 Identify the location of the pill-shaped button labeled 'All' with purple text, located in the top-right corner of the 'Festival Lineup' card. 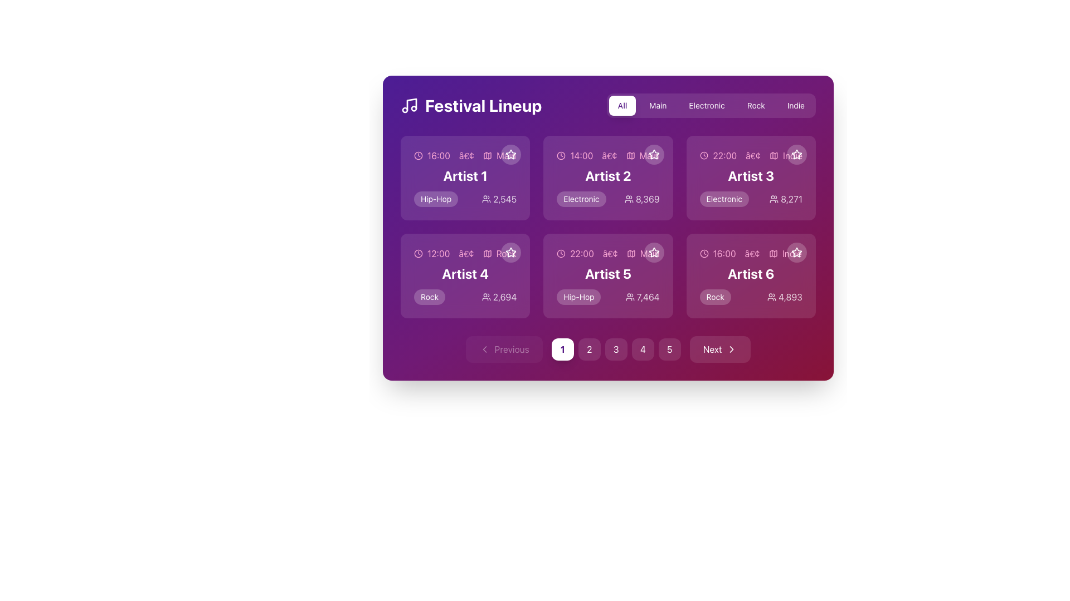
(622, 105).